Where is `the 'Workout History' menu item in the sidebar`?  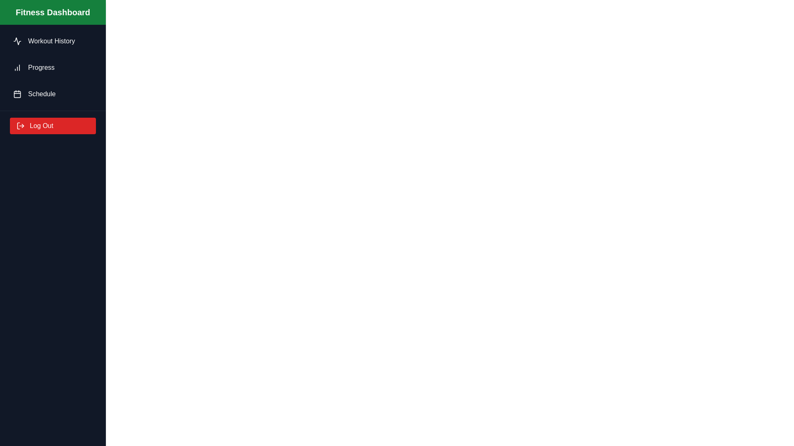
the 'Workout History' menu item in the sidebar is located at coordinates (53, 41).